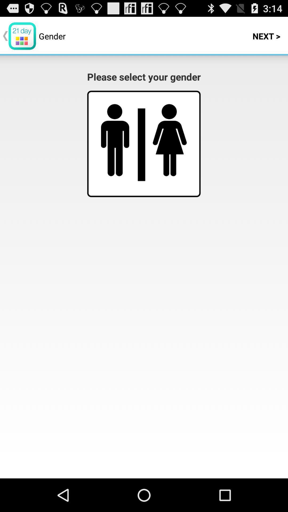 Image resolution: width=288 pixels, height=512 pixels. I want to click on the home icon, so click(170, 150).